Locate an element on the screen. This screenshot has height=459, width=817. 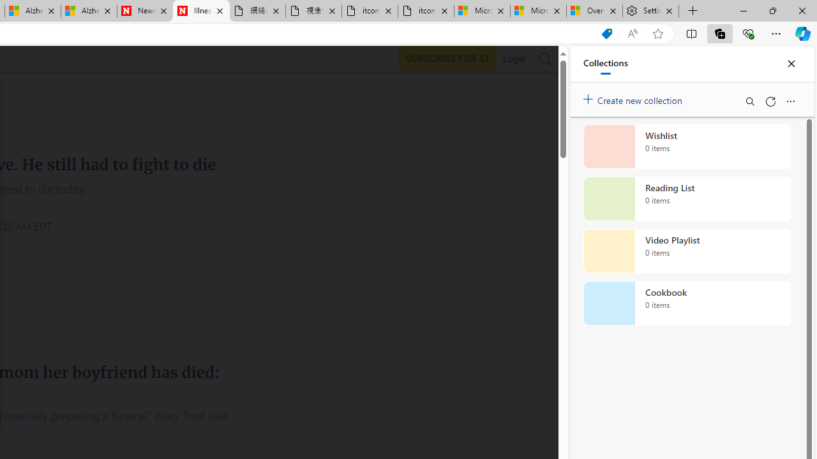
'Subscribe to our service' is located at coordinates (447, 58).